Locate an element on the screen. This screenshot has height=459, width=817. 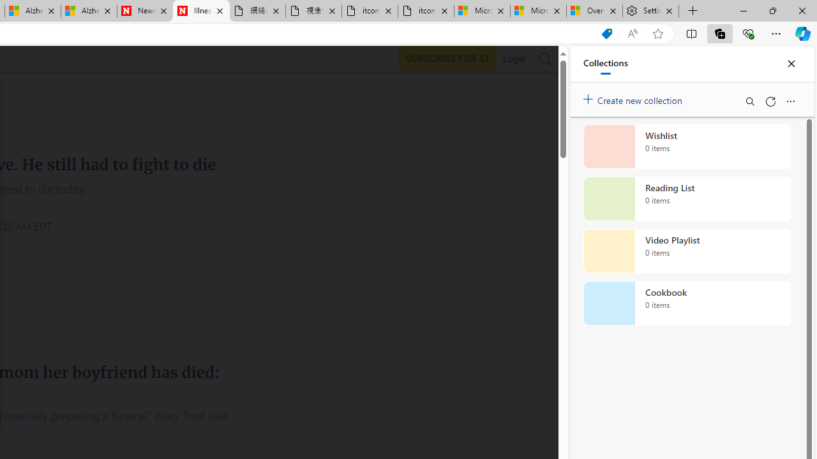
'Subscribe to our service' is located at coordinates (447, 58).